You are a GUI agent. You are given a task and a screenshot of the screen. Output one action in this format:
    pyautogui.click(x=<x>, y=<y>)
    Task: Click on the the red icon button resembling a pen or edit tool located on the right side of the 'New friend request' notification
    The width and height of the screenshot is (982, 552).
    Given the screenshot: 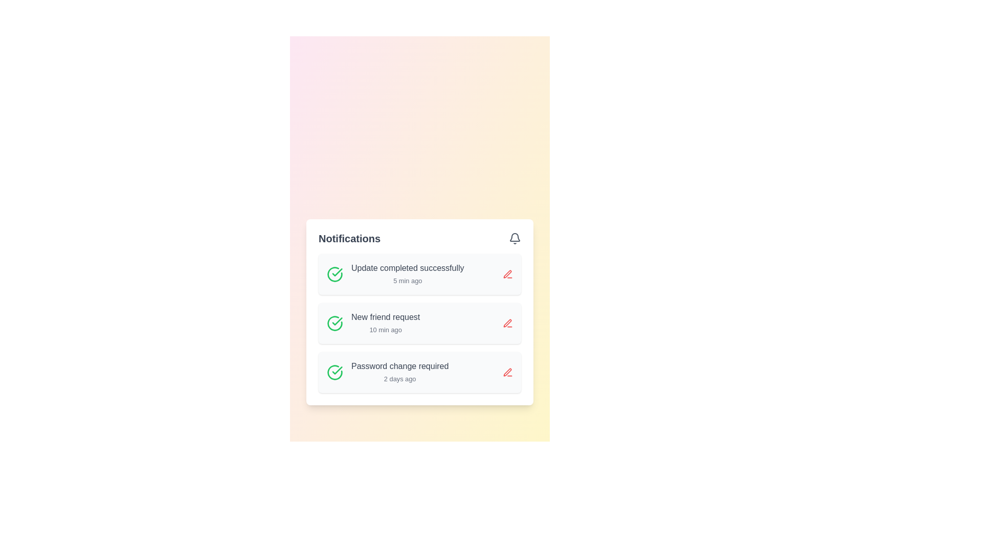 What is the action you would take?
    pyautogui.click(x=508, y=323)
    